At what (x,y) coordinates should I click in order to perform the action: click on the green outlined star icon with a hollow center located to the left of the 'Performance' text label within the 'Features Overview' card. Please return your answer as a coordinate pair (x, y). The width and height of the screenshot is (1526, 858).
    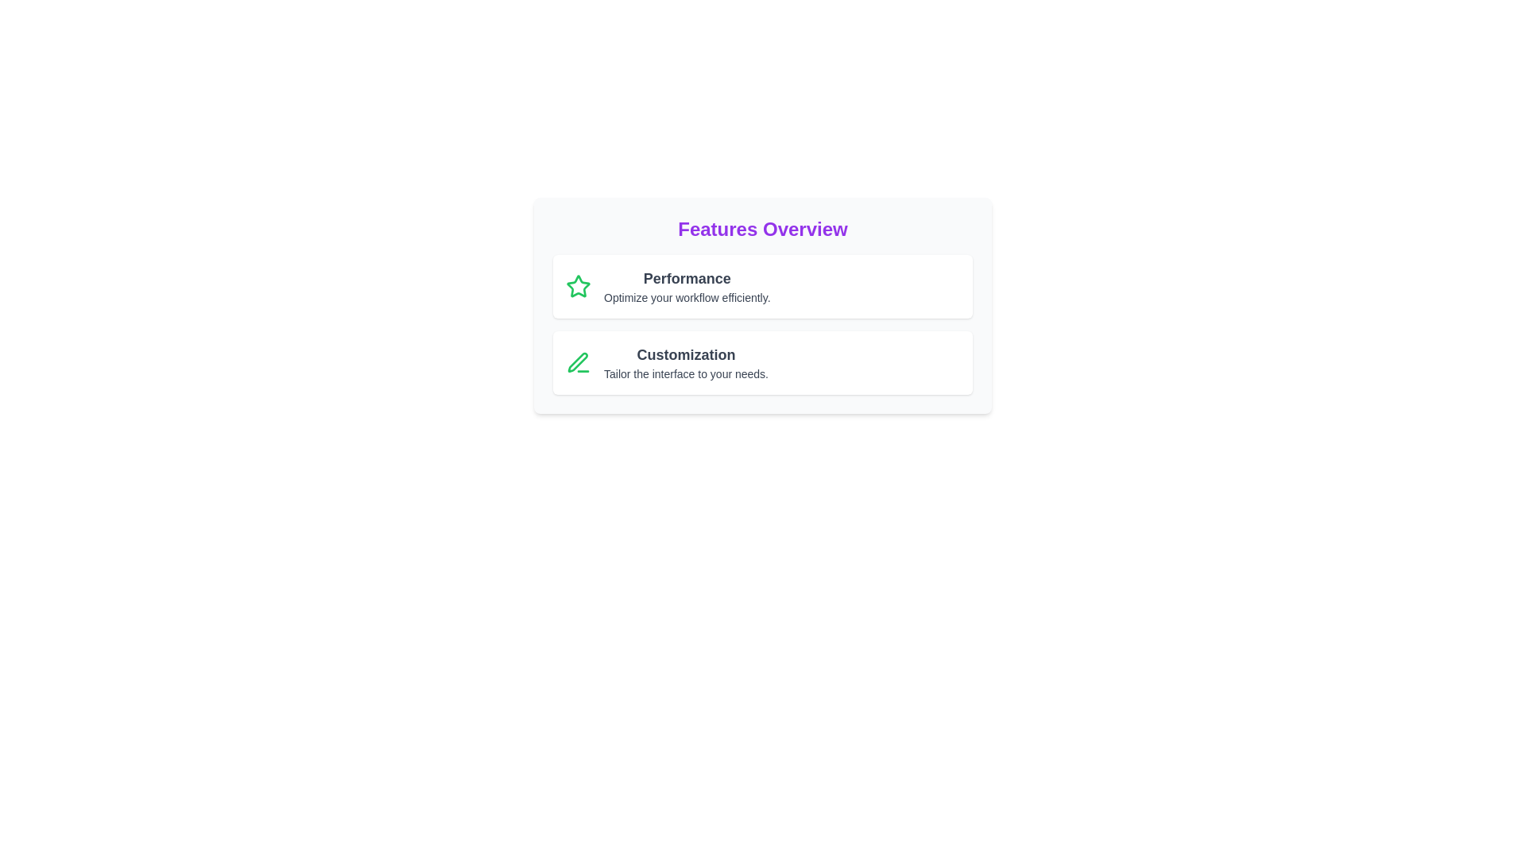
    Looking at the image, I should click on (578, 286).